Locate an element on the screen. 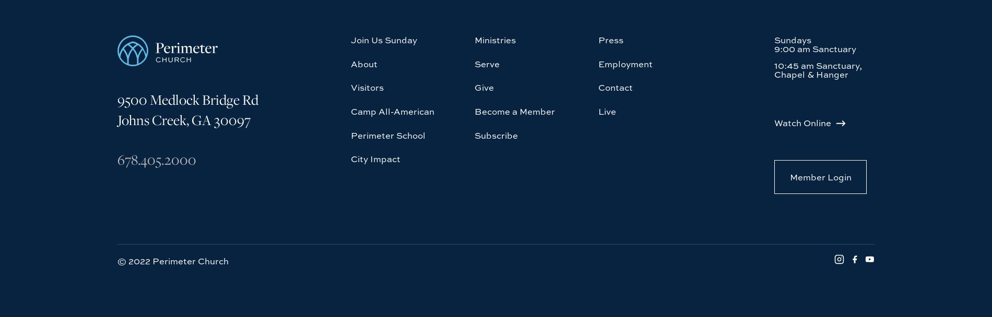  'Live' is located at coordinates (607, 15).